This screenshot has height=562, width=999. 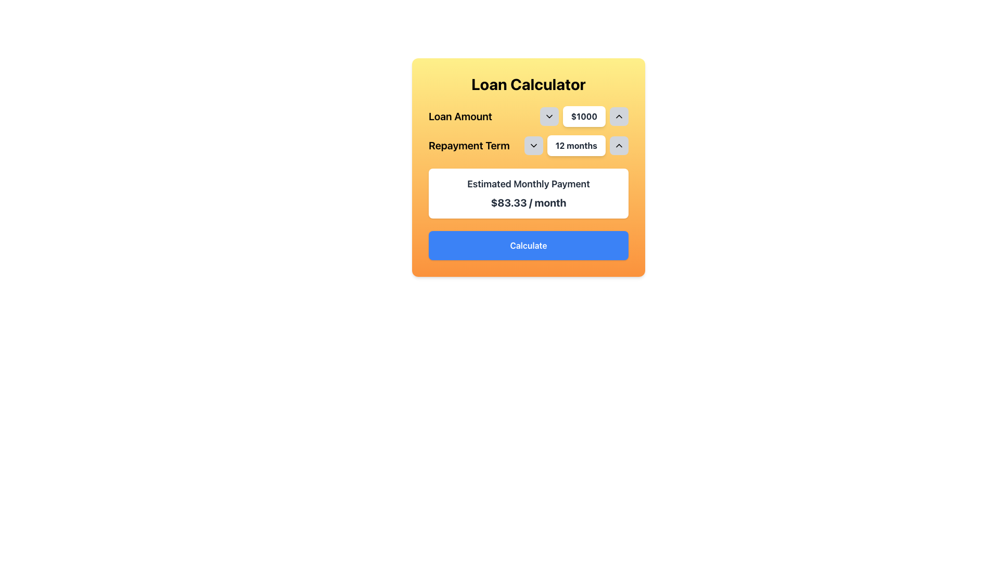 What do you see at coordinates (468, 146) in the screenshot?
I see `the bold text label reading 'Repayment Term' styled with a large font size and semibold font weight, which is positioned prominently on the left side above the 'Estimated Monthly Payment' section` at bounding box center [468, 146].